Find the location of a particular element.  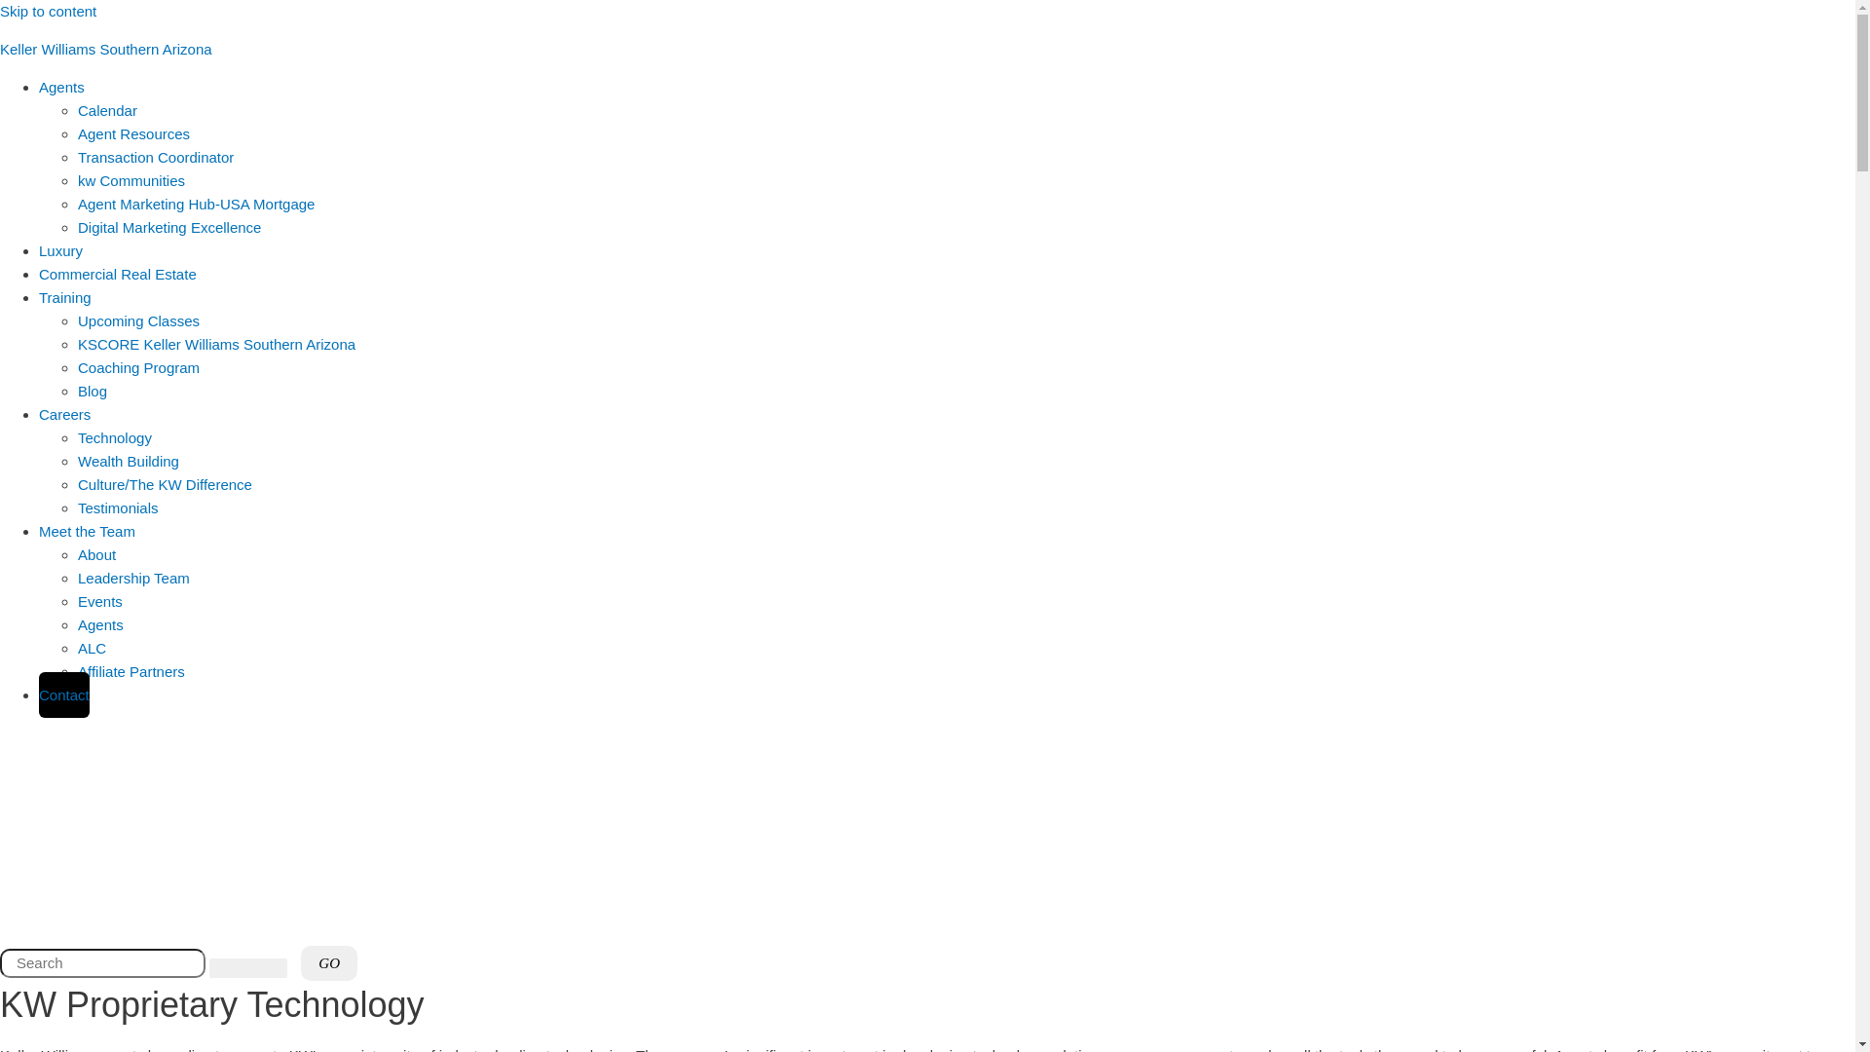

'ALC' is located at coordinates (91, 648).